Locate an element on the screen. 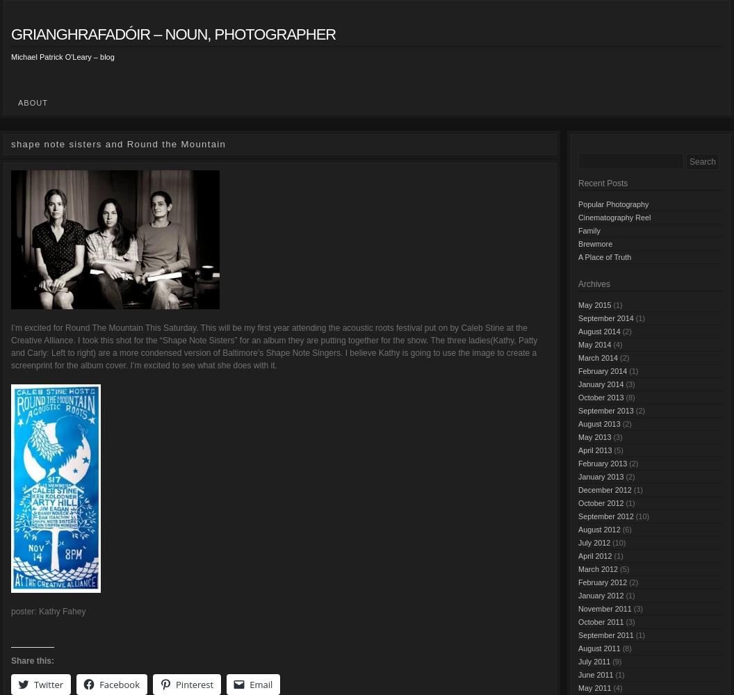 This screenshot has width=734, height=695. 'May 2015' is located at coordinates (594, 304).